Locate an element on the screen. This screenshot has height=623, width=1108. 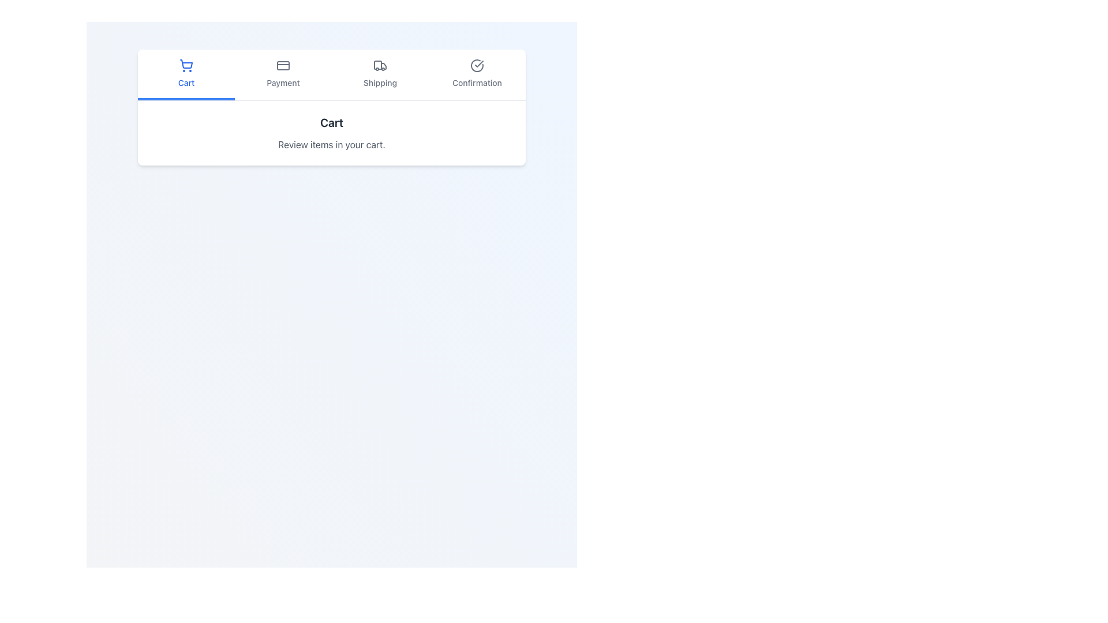
the Payment button in the navigation bar to observe the hover effects is located at coordinates (283, 75).